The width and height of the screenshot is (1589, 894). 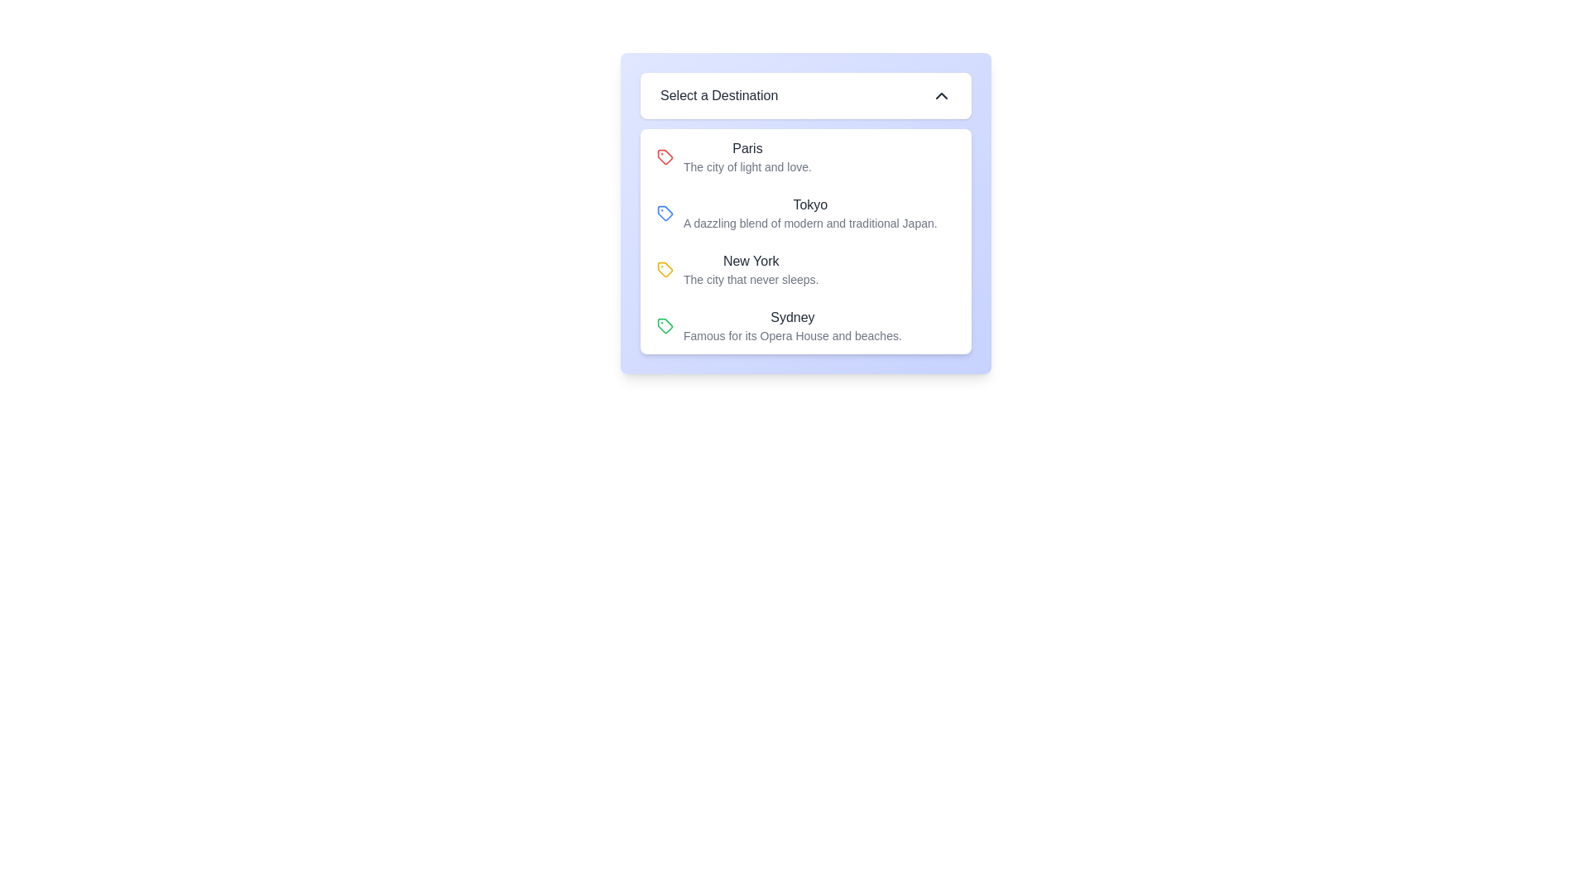 I want to click on the list item displaying 'New York', so click(x=750, y=269).